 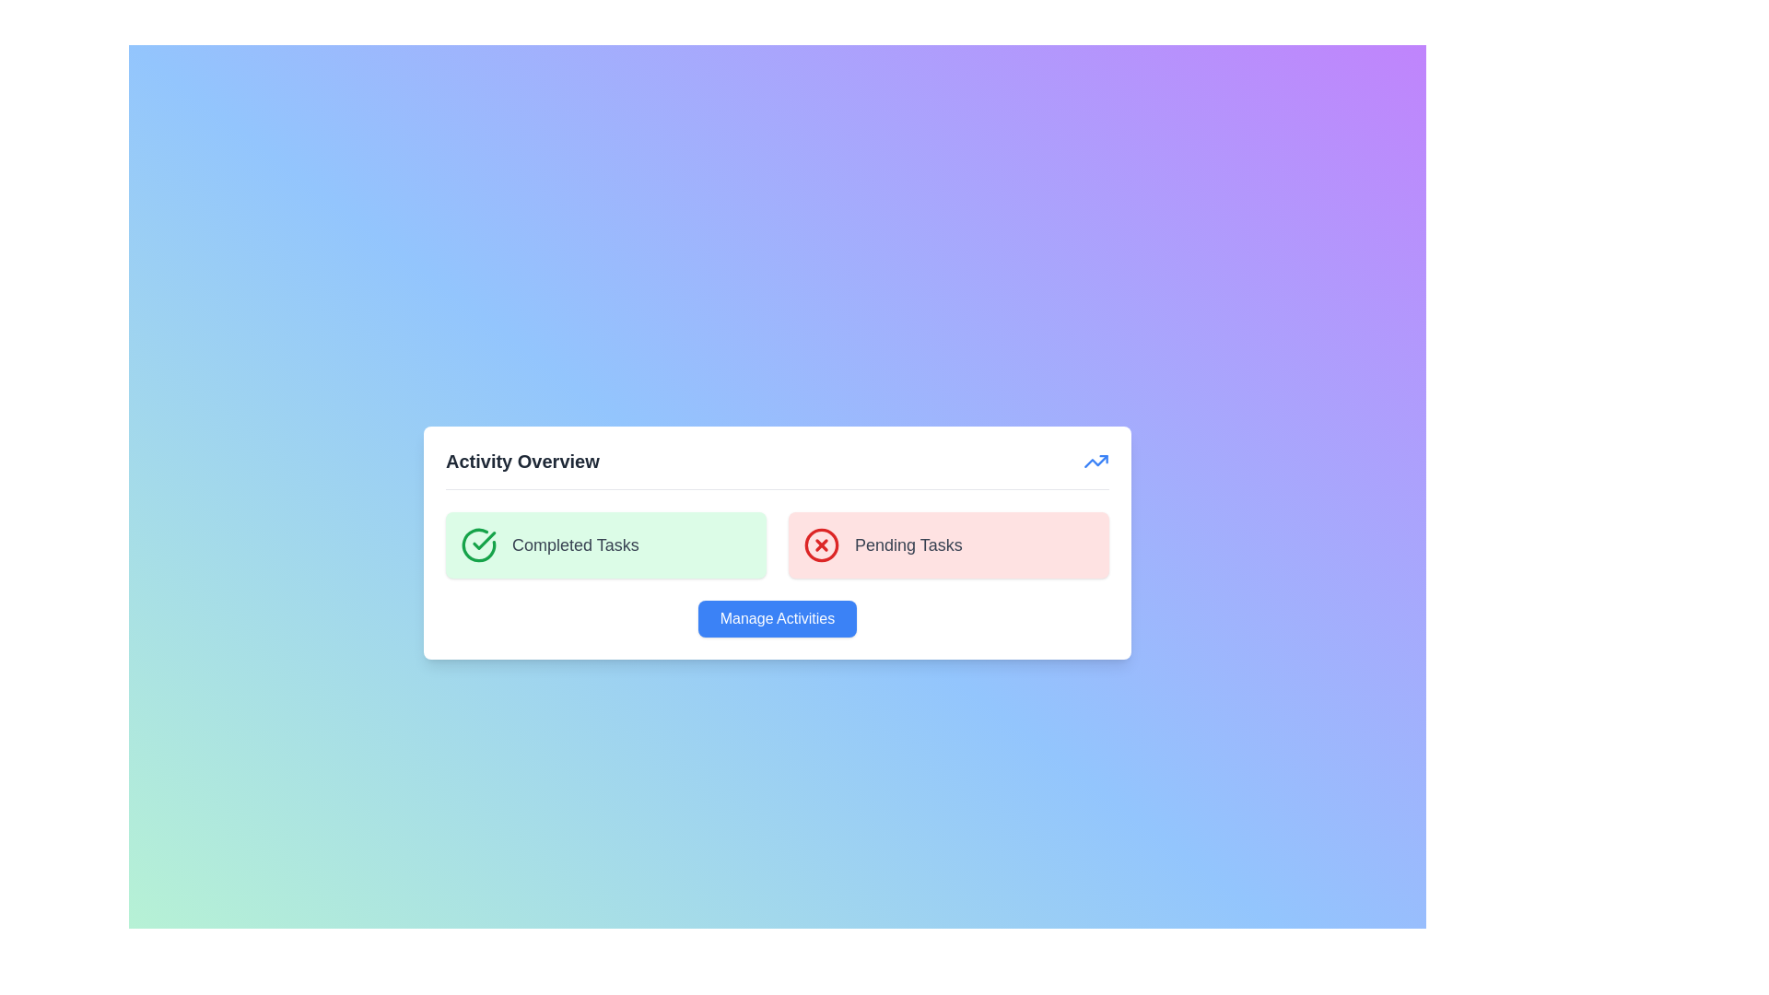 I want to click on the 'Manage Activities' button, so click(x=778, y=618).